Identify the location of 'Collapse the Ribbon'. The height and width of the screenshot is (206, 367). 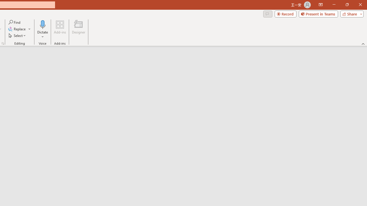
(363, 43).